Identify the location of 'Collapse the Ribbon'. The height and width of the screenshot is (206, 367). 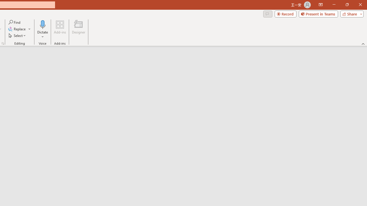
(363, 43).